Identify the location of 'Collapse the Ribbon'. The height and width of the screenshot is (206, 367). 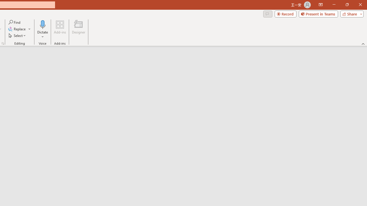
(363, 43).